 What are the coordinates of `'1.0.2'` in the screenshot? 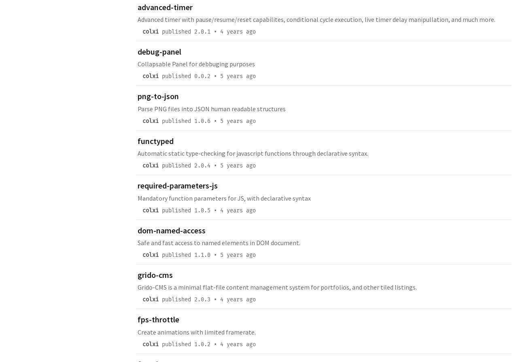 It's located at (202, 343).